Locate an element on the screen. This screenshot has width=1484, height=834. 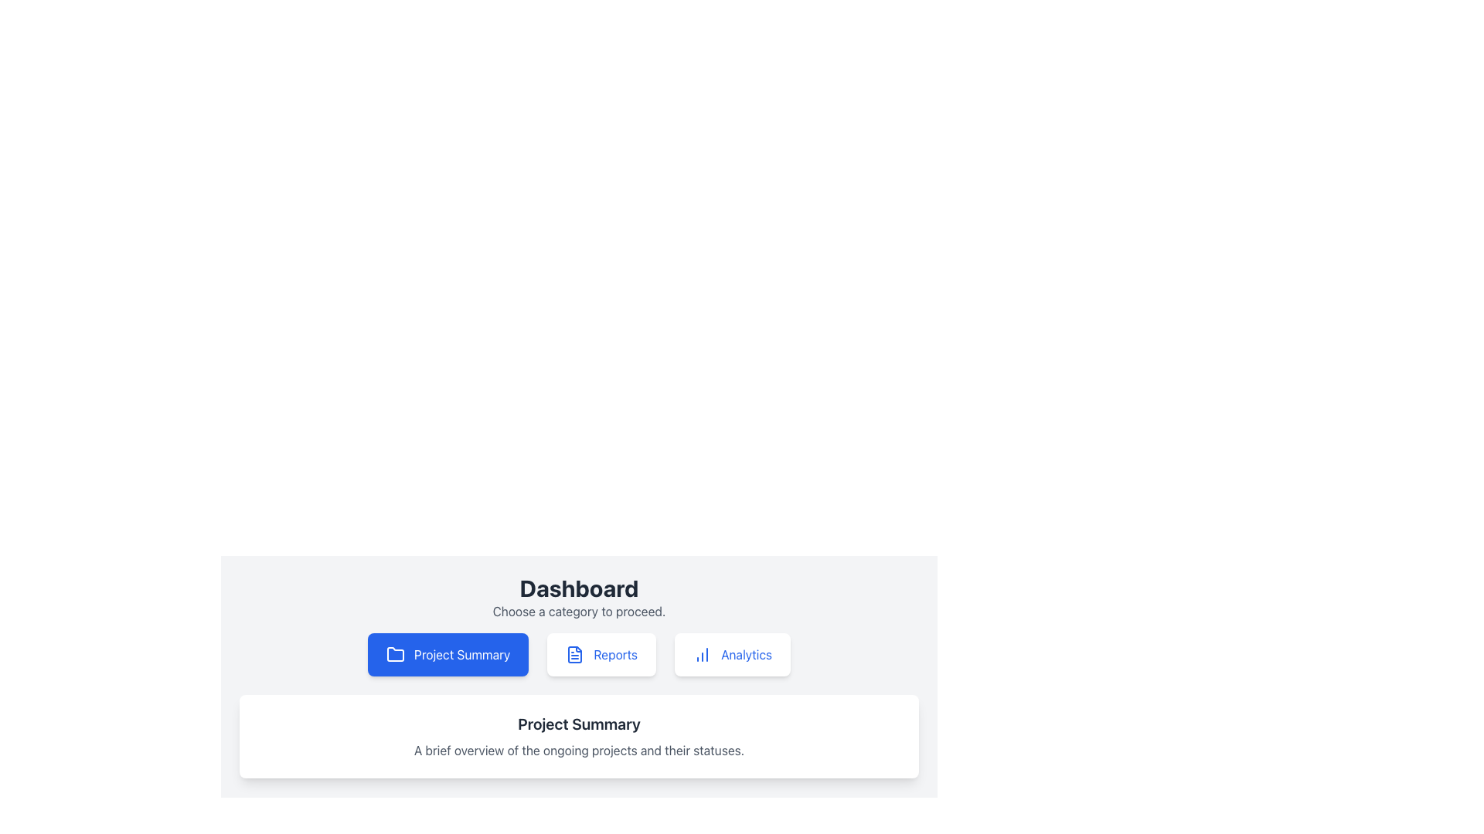
the bold and large-sized text reading 'Dashboard', which is prominently positioned at the top of a section labeled 'Choose a category to proceed.' is located at coordinates (578, 588).